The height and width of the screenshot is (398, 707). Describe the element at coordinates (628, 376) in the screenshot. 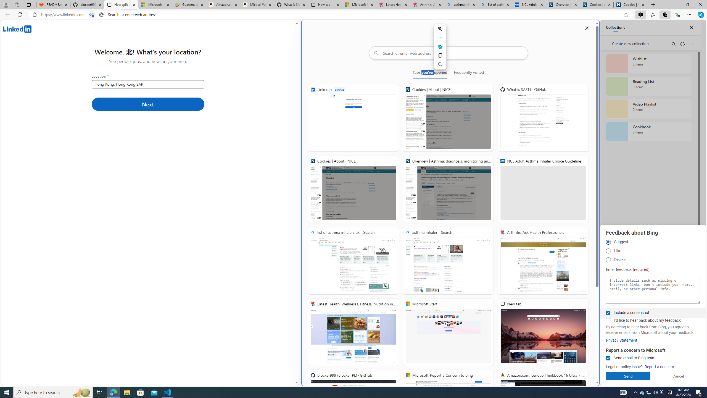

I see `'Send'` at that location.